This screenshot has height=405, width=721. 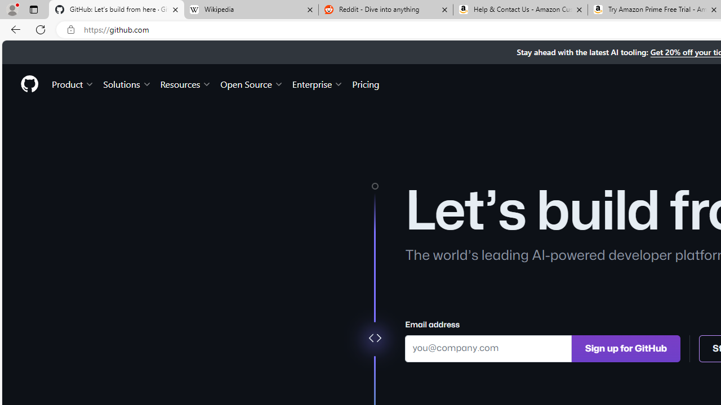 What do you see at coordinates (127, 83) in the screenshot?
I see `'Solutions'` at bounding box center [127, 83].